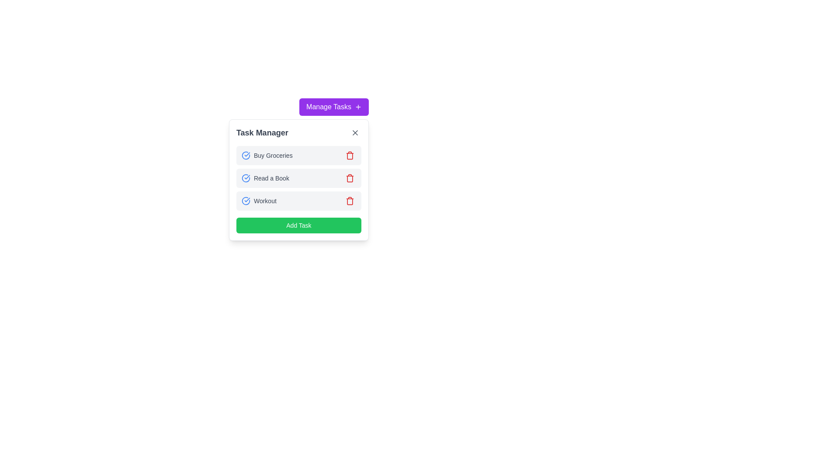 Image resolution: width=839 pixels, height=472 pixels. What do you see at coordinates (298, 201) in the screenshot?
I see `the 'Workout' task entry in the Task Manager to interact with its details` at bounding box center [298, 201].